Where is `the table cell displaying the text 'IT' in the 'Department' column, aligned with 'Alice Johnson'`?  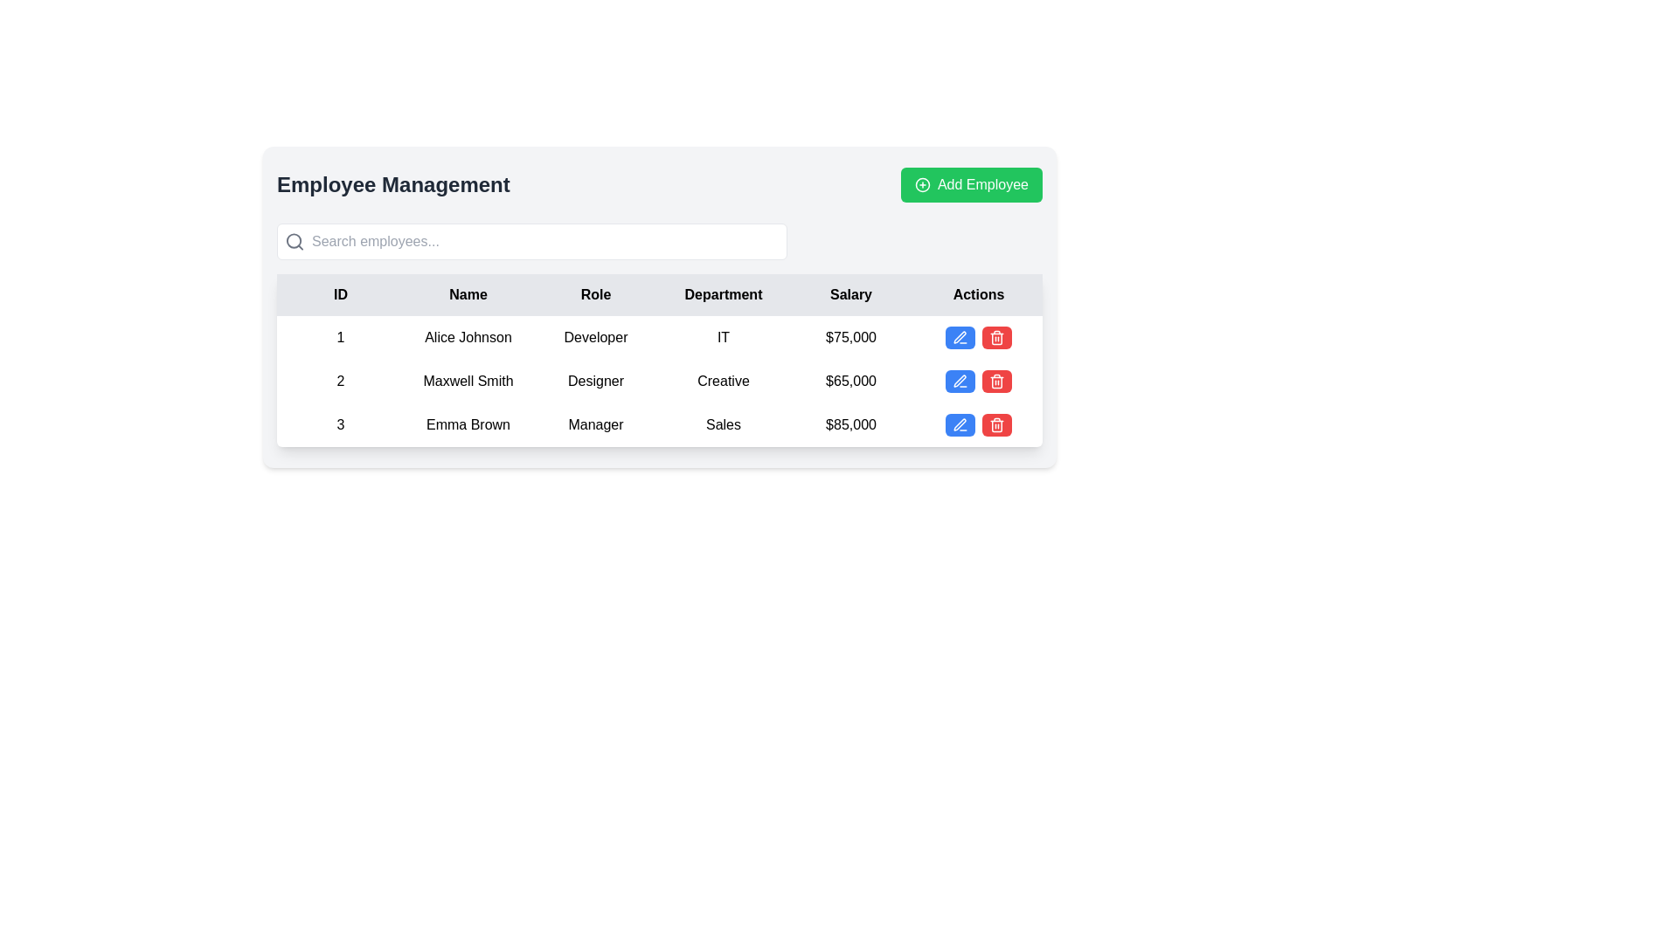 the table cell displaying the text 'IT' in the 'Department' column, aligned with 'Alice Johnson' is located at coordinates (724, 337).